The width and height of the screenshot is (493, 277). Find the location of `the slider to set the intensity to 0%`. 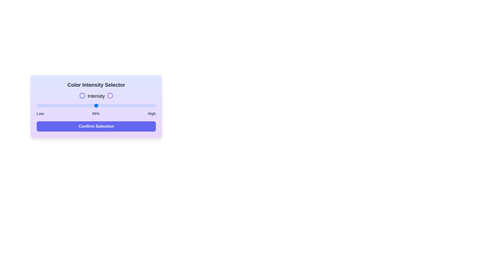

the slider to set the intensity to 0% is located at coordinates (36, 105).